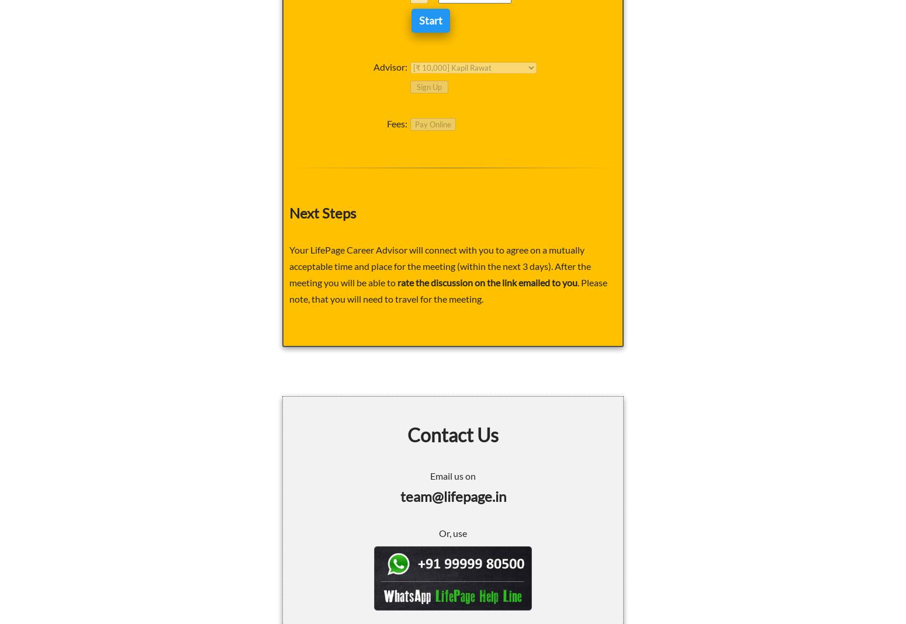 The width and height of the screenshot is (906, 624). Describe the element at coordinates (438, 532) in the screenshot. I see `'Or, use'` at that location.